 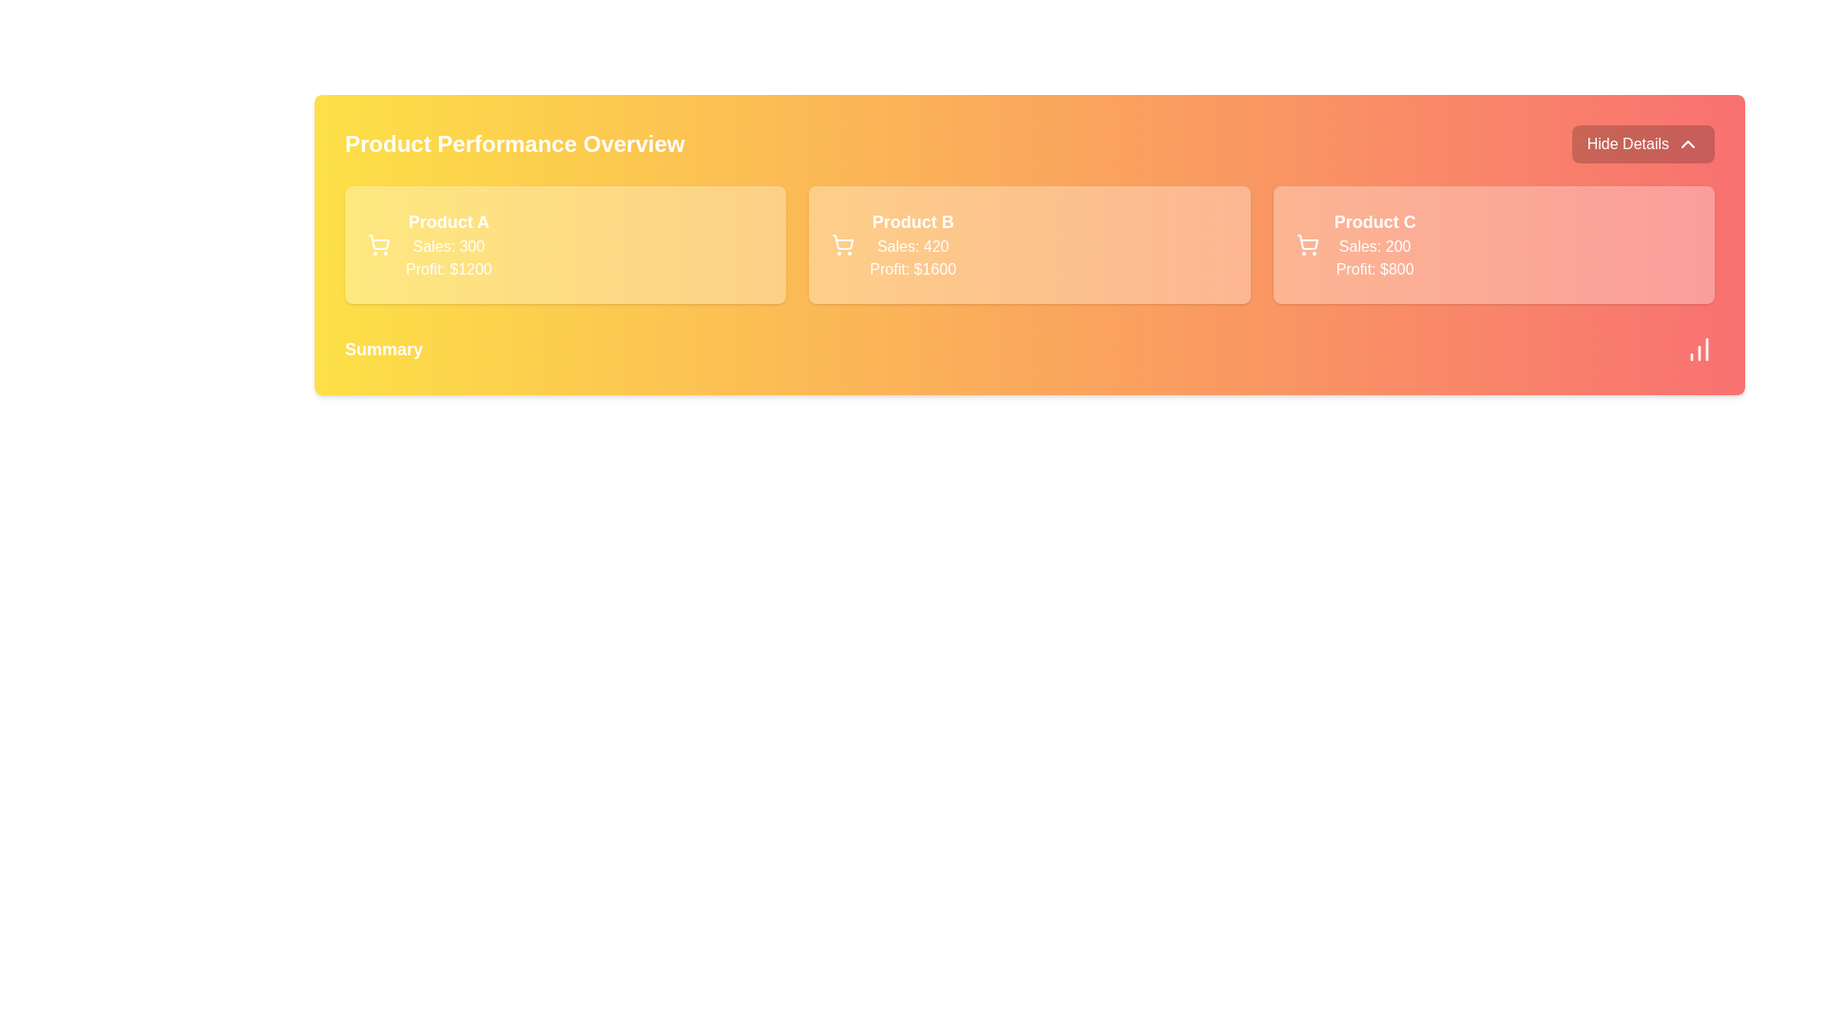 What do you see at coordinates (1306, 241) in the screenshot?
I see `the shopping cart icon located in the top-left corner of the Product C card, which indicates a commerce-related action` at bounding box center [1306, 241].